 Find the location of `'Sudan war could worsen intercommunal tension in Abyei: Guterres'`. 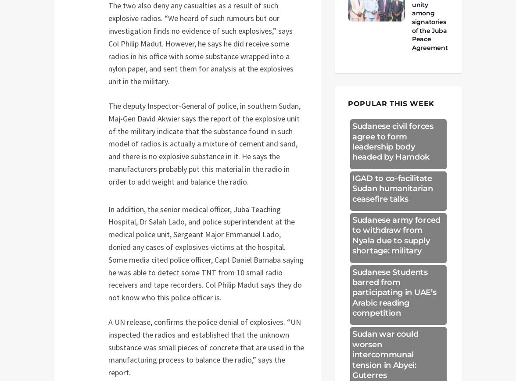

'Sudan war could worsen intercommunal tension in Abyei: Guterres' is located at coordinates (385, 355).